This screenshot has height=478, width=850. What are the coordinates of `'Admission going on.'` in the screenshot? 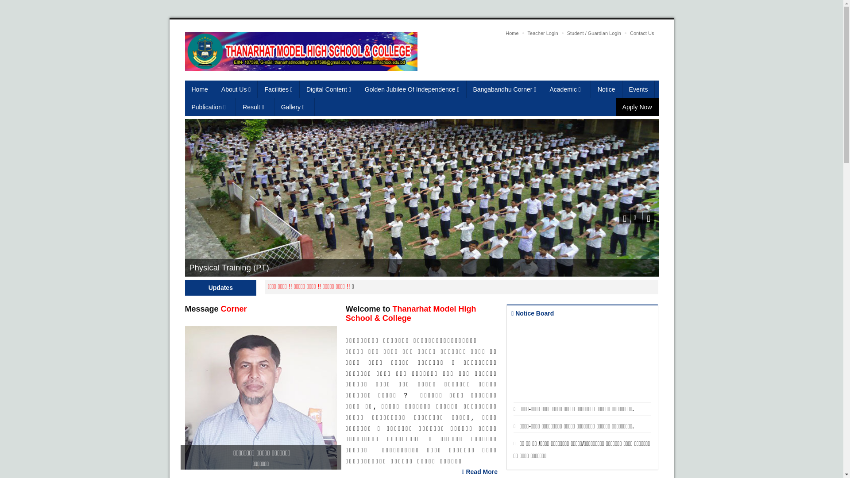 It's located at (261, 286).